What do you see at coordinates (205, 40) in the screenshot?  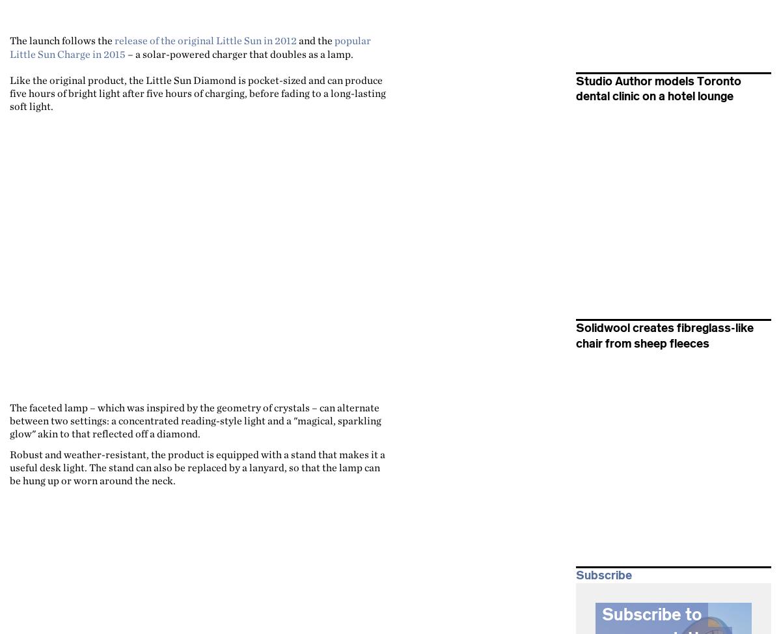 I see `'release of the original Little Sun in 2012'` at bounding box center [205, 40].